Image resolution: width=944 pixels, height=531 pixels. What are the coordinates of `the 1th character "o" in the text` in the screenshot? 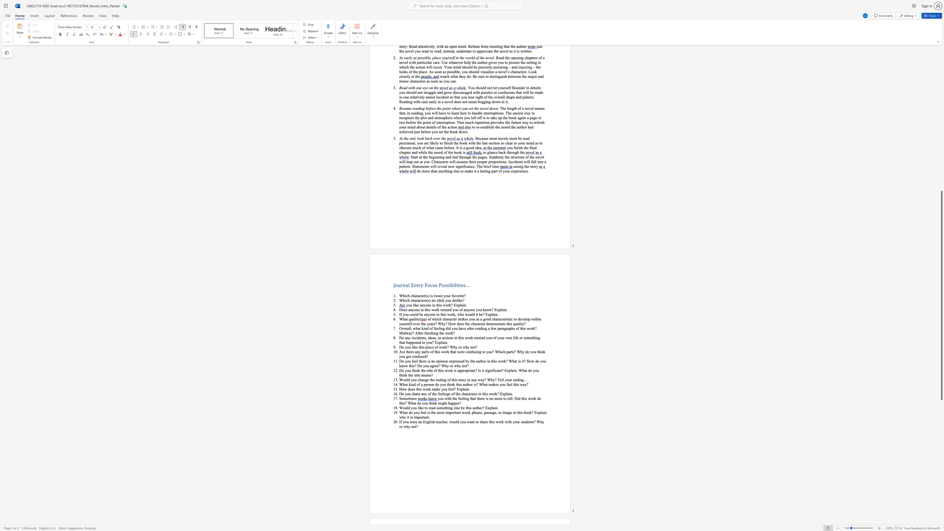 It's located at (403, 389).